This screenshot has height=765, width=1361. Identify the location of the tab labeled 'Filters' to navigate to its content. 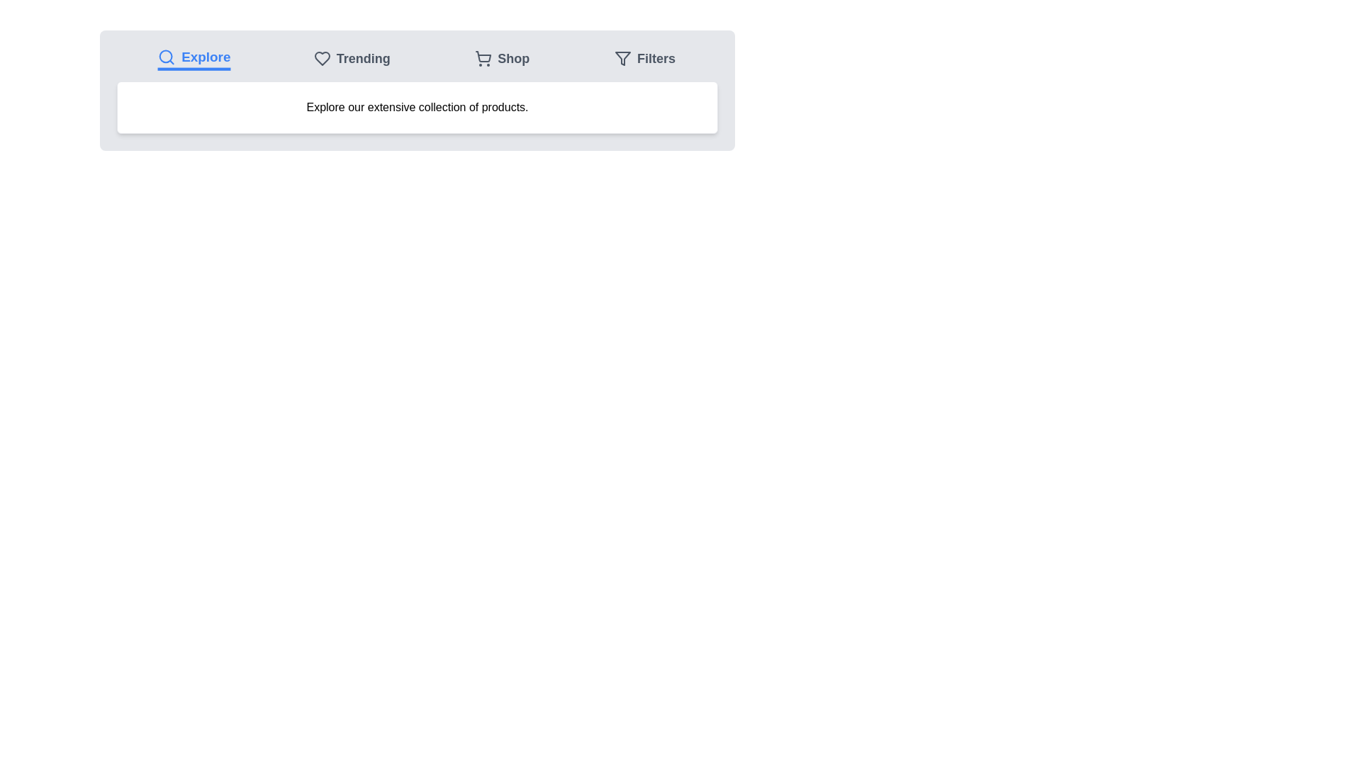
(644, 58).